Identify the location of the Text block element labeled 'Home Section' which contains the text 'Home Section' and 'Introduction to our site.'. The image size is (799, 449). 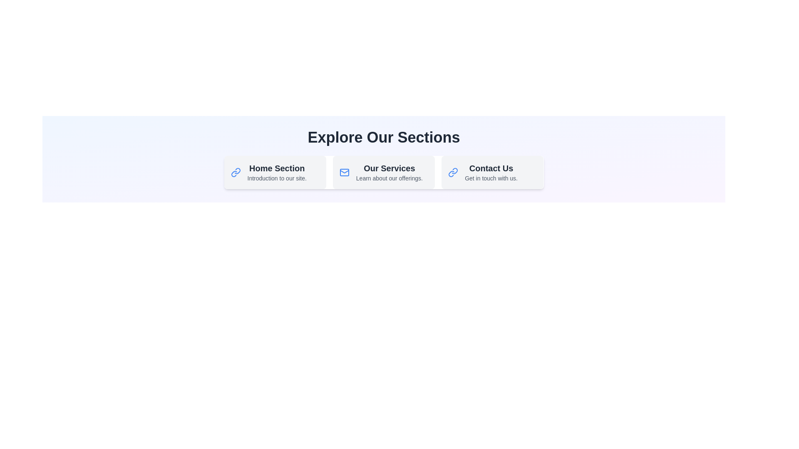
(277, 172).